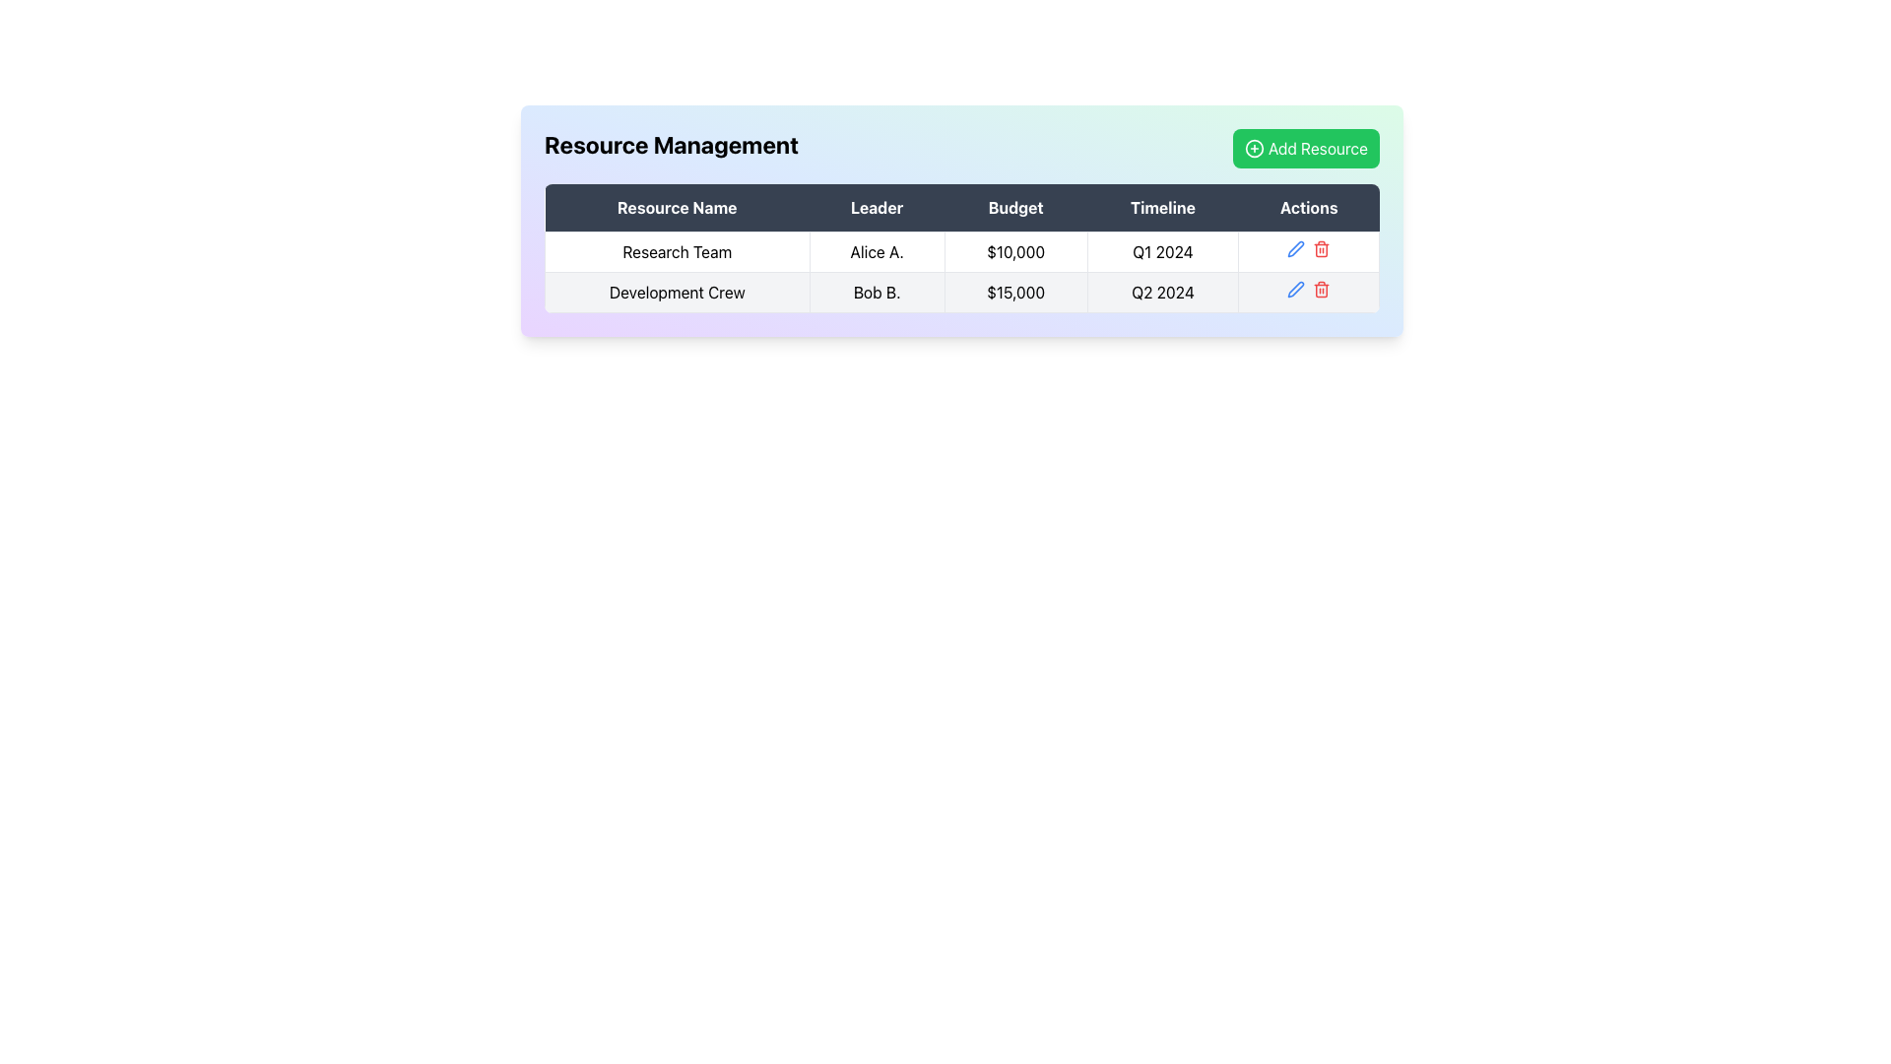  I want to click on the Text Display element that shows the timeline information for the 'Development Crew' project phase, specifically indicating 'Q2 2024', so click(1162, 293).